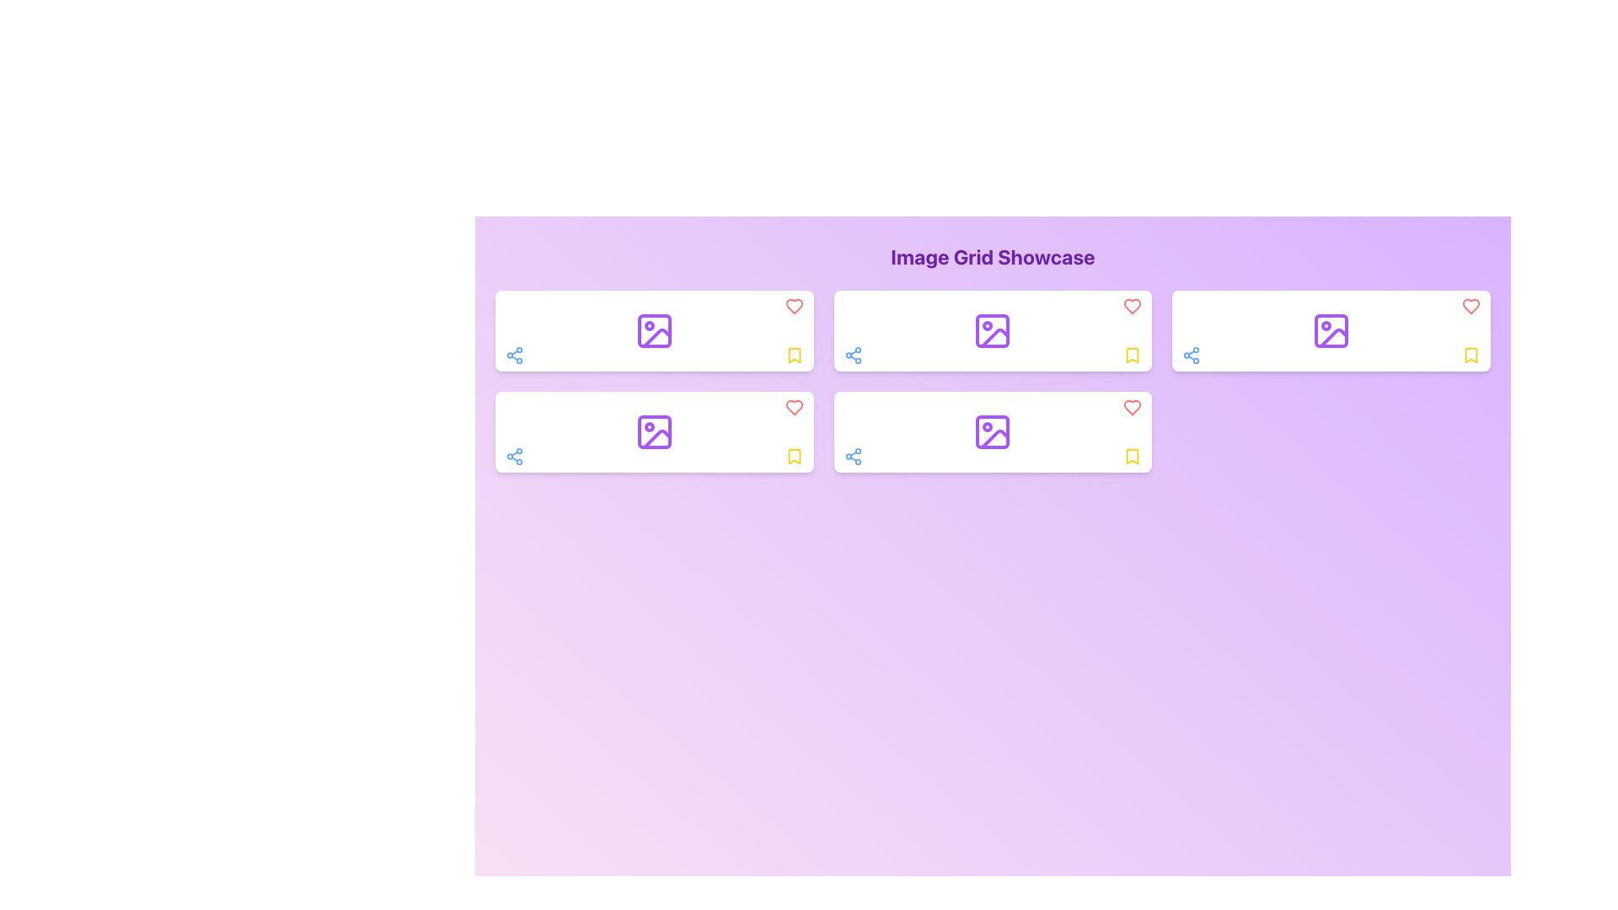 This screenshot has height=910, width=1618. What do you see at coordinates (1133, 457) in the screenshot?
I see `the bookmark icon located at the bottom right corner of the third card in the top row of the grid layout` at bounding box center [1133, 457].